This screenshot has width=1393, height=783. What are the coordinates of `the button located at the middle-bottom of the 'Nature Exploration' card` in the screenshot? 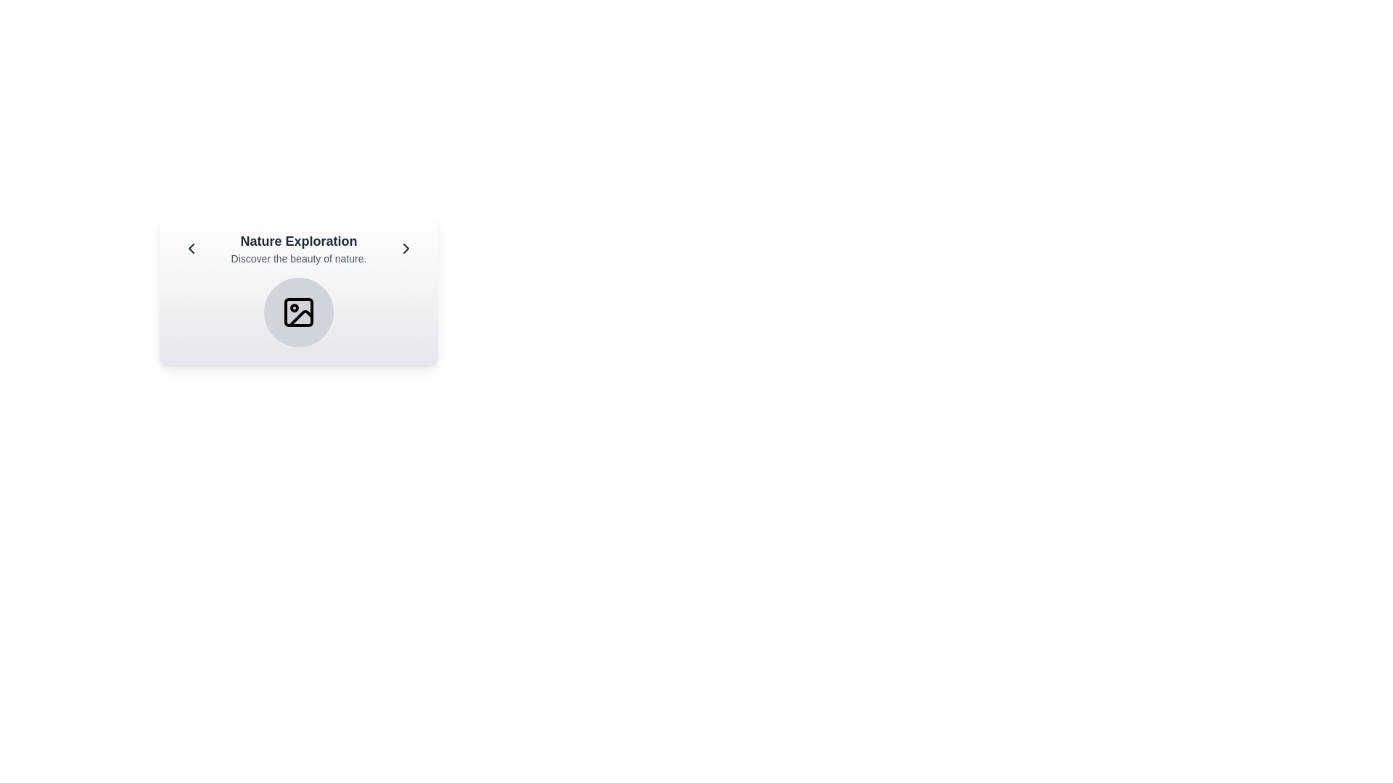 It's located at (298, 312).